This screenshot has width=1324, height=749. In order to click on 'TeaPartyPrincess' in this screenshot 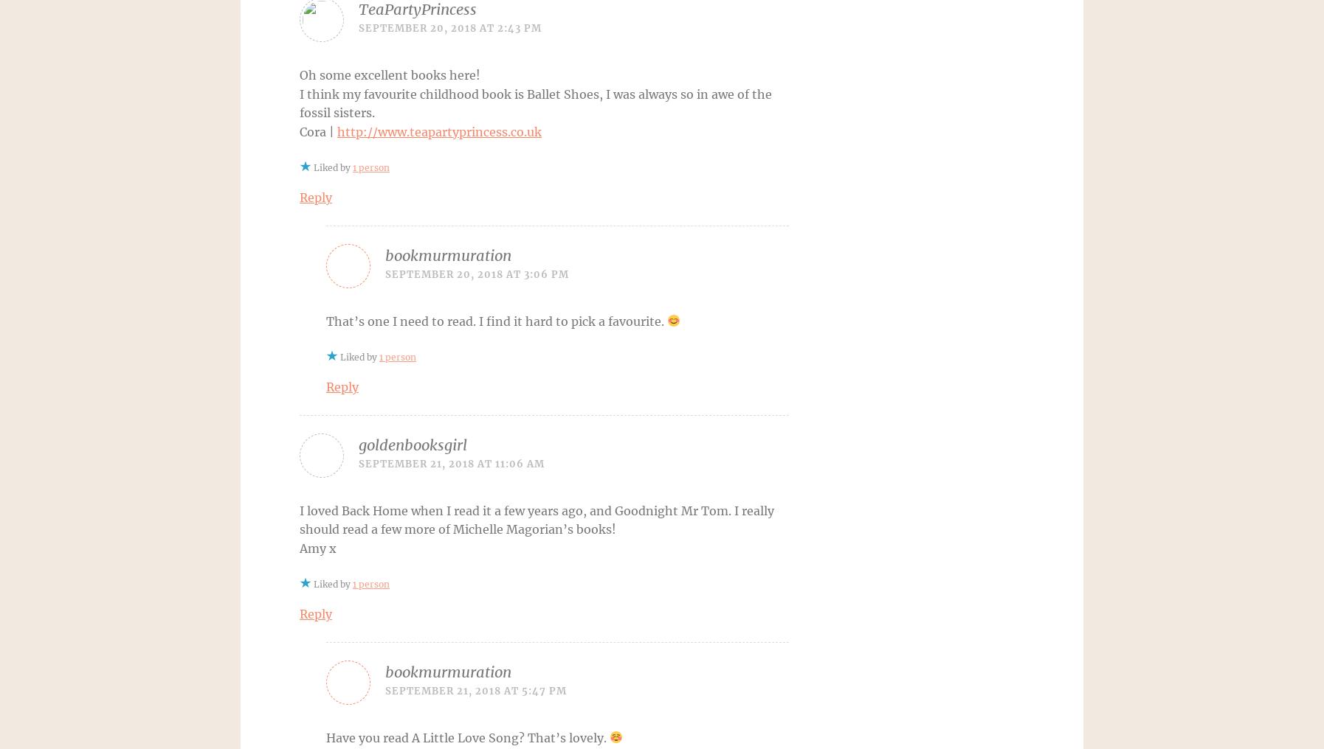, I will do `click(418, 8)`.